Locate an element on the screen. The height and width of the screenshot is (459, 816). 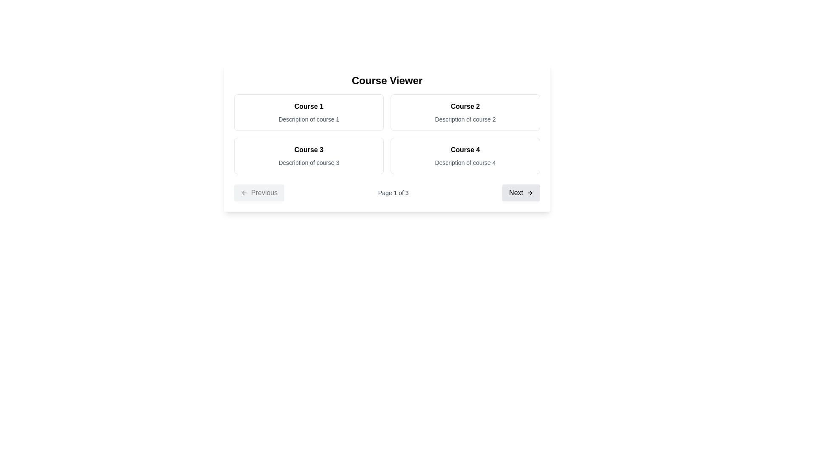
title text of the first course in the course selection layout, located in the second row and first column of the grid is located at coordinates (308, 150).